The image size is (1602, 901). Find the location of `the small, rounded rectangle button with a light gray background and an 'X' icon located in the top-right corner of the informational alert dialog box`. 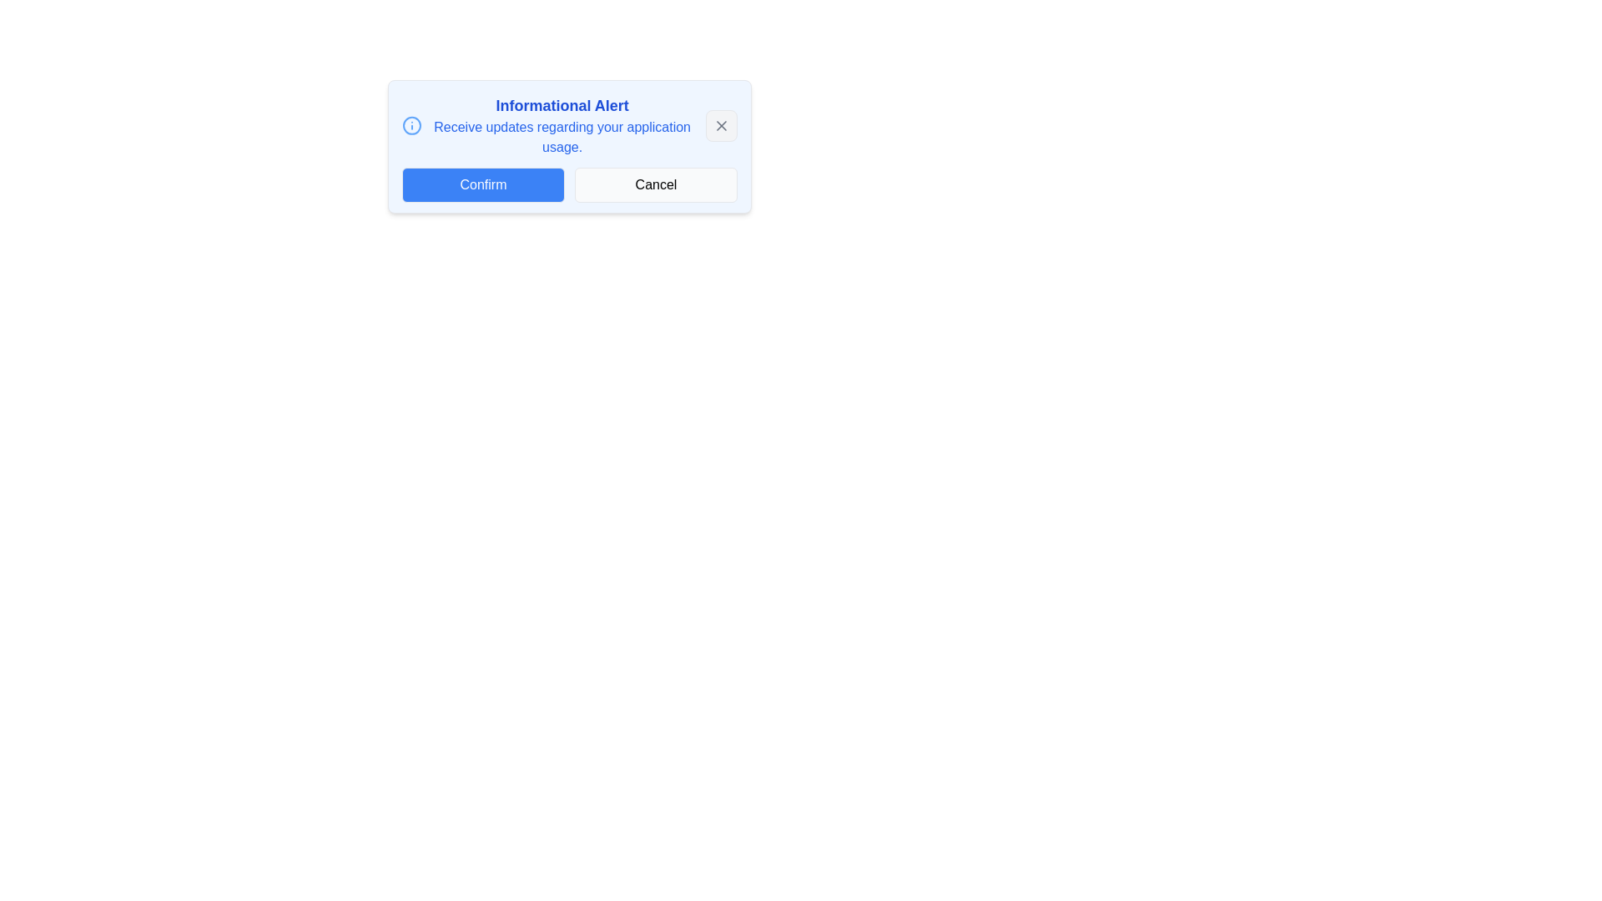

the small, rounded rectangle button with a light gray background and an 'X' icon located in the top-right corner of the informational alert dialog box is located at coordinates (721, 124).